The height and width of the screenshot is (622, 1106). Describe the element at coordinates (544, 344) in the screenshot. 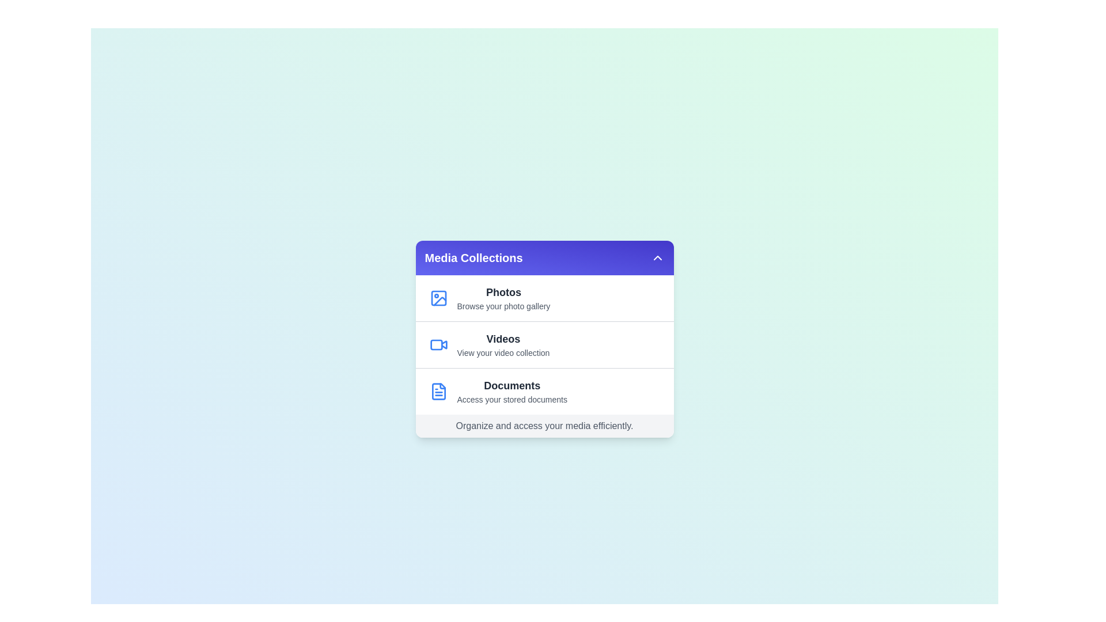

I see `the menu option Videos to observe its hover effect or tooltip` at that location.